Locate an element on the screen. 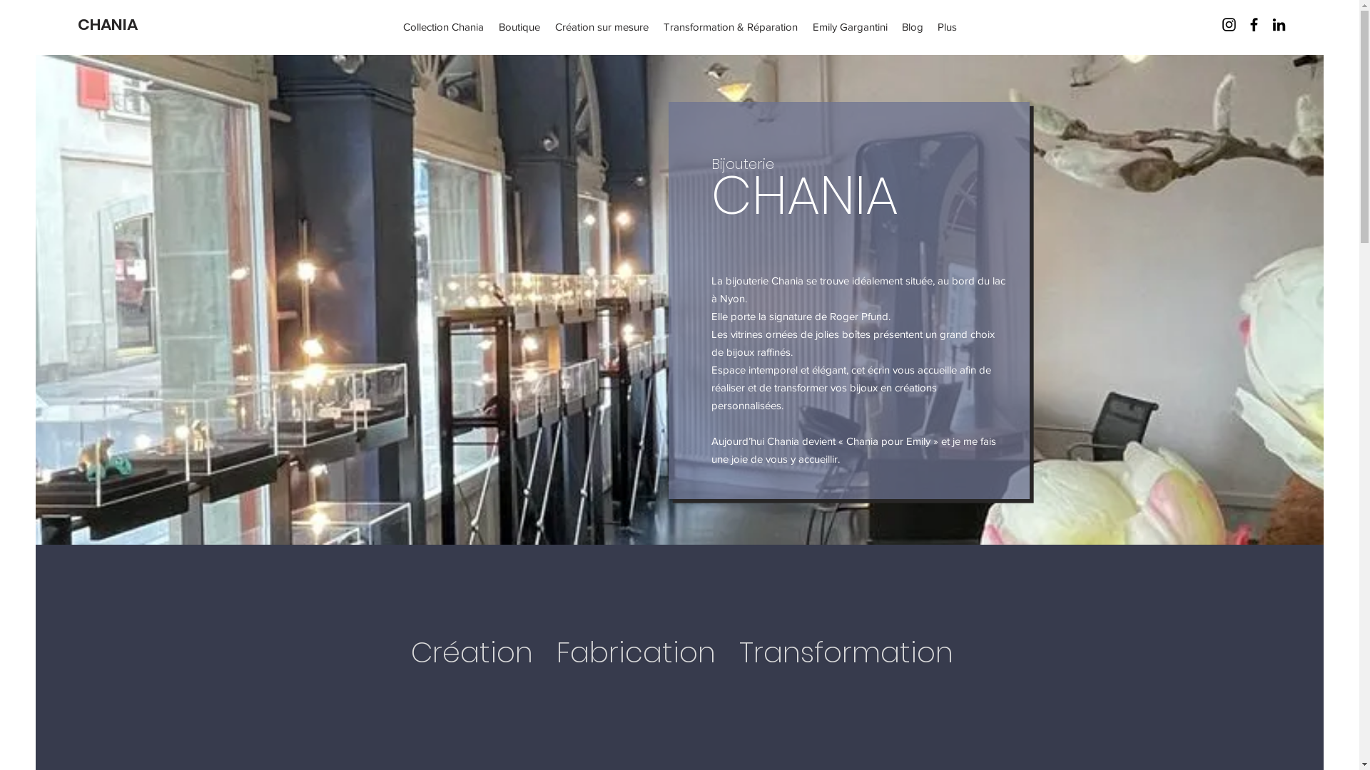 This screenshot has height=770, width=1370. 'CHANIA' is located at coordinates (106, 24).